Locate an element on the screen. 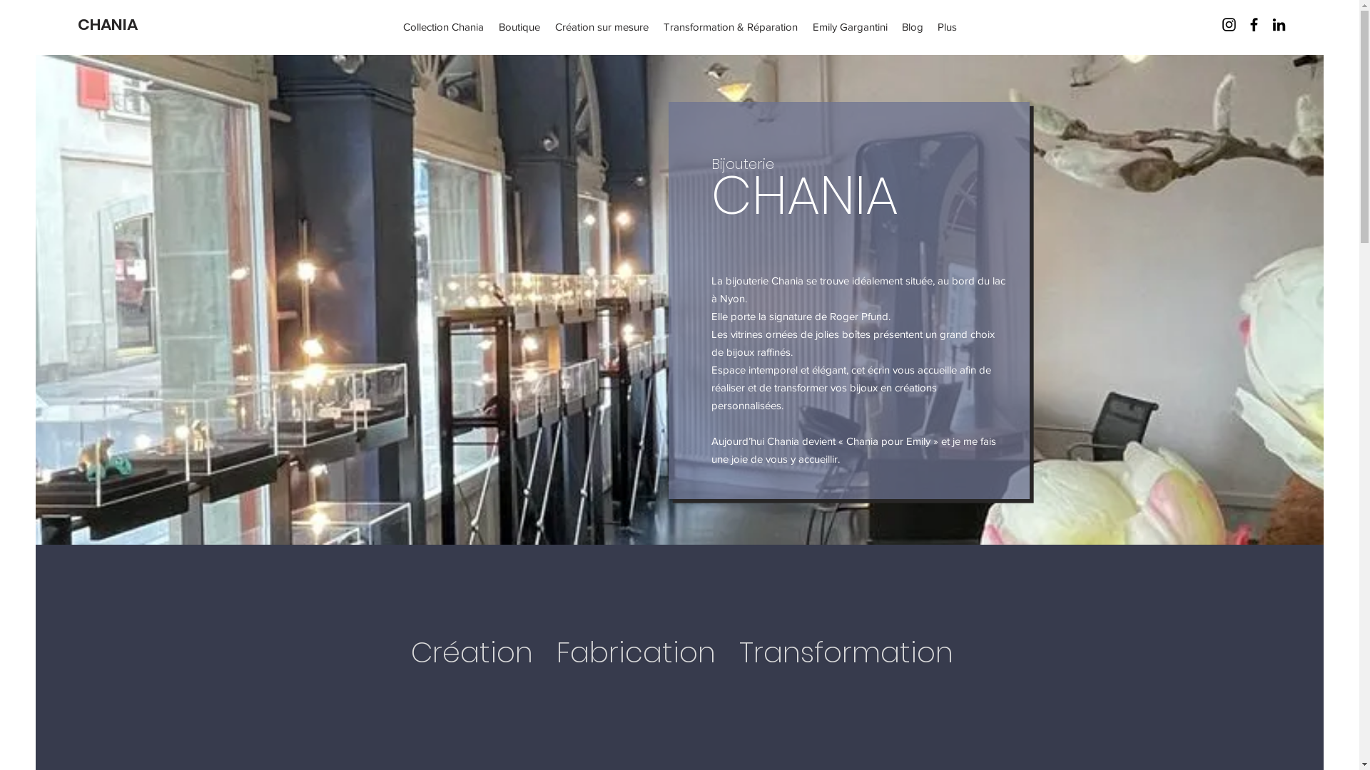 This screenshot has height=770, width=1370. 'CHANIA' is located at coordinates (106, 24).